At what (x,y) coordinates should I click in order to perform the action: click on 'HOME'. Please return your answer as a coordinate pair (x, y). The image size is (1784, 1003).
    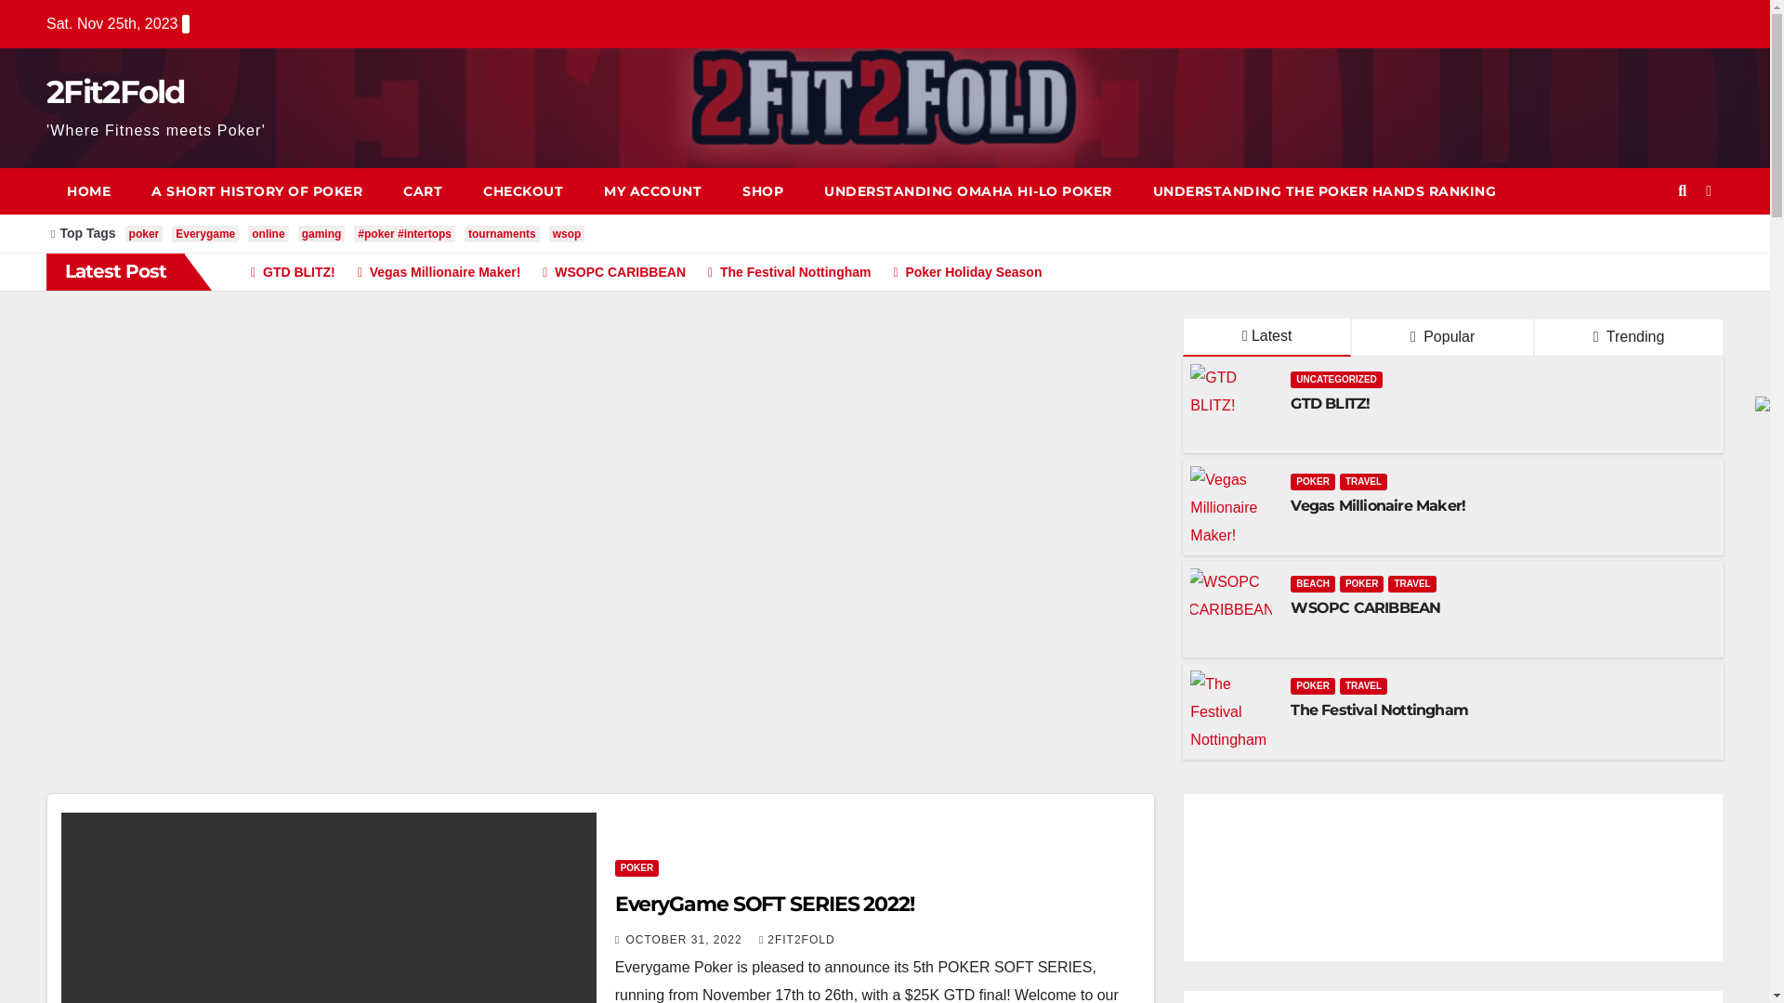
    Looking at the image, I should click on (87, 190).